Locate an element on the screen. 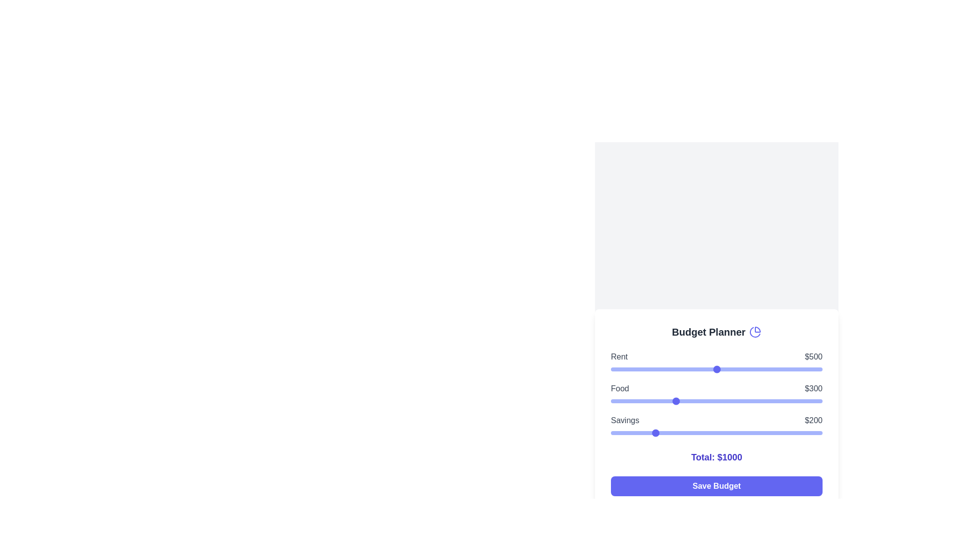  the rent budget slider to 636 is located at coordinates (745, 369).